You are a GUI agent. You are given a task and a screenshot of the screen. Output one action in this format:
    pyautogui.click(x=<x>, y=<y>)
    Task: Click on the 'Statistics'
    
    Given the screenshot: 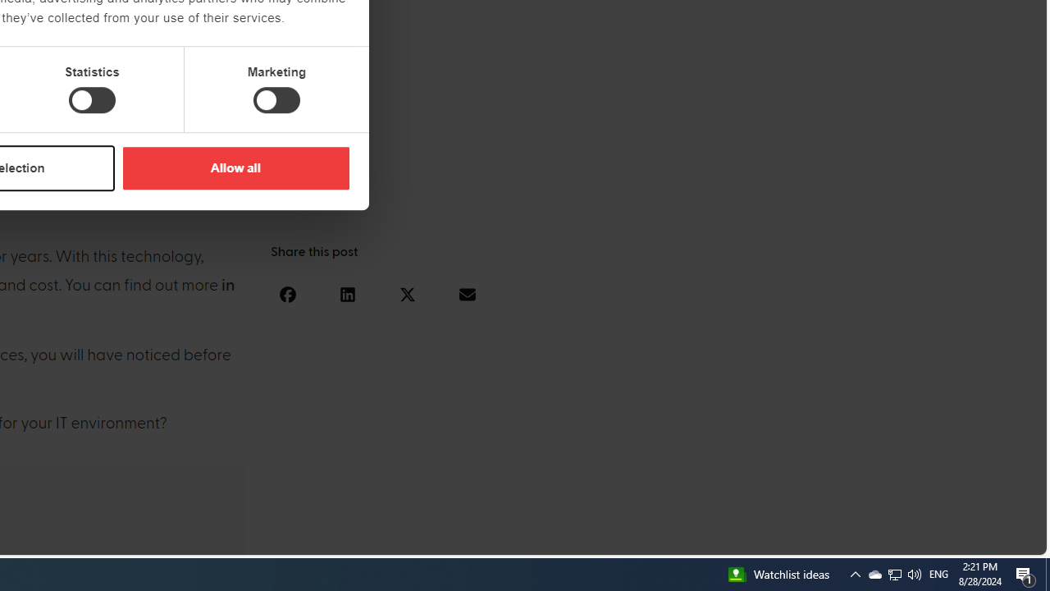 What is the action you would take?
    pyautogui.click(x=91, y=100)
    